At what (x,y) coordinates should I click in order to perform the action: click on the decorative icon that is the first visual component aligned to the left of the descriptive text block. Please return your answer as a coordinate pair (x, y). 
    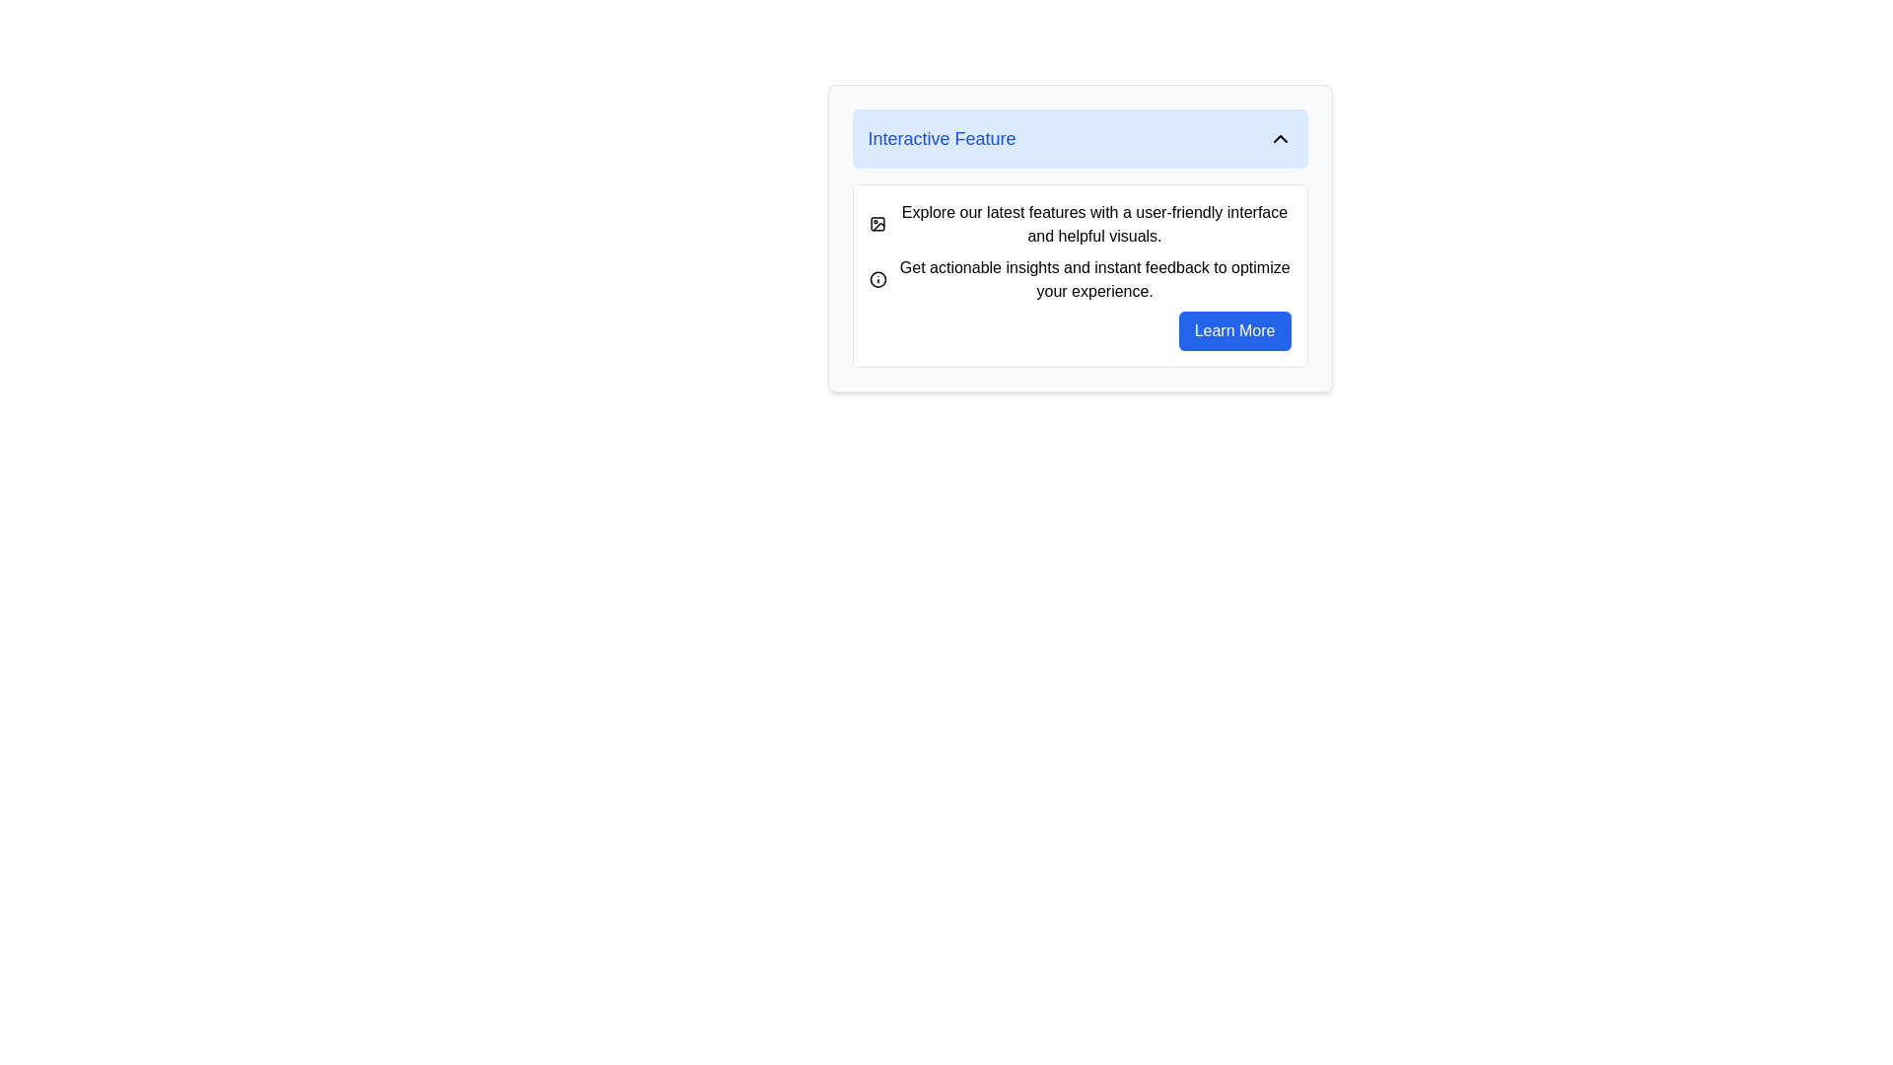
    Looking at the image, I should click on (876, 223).